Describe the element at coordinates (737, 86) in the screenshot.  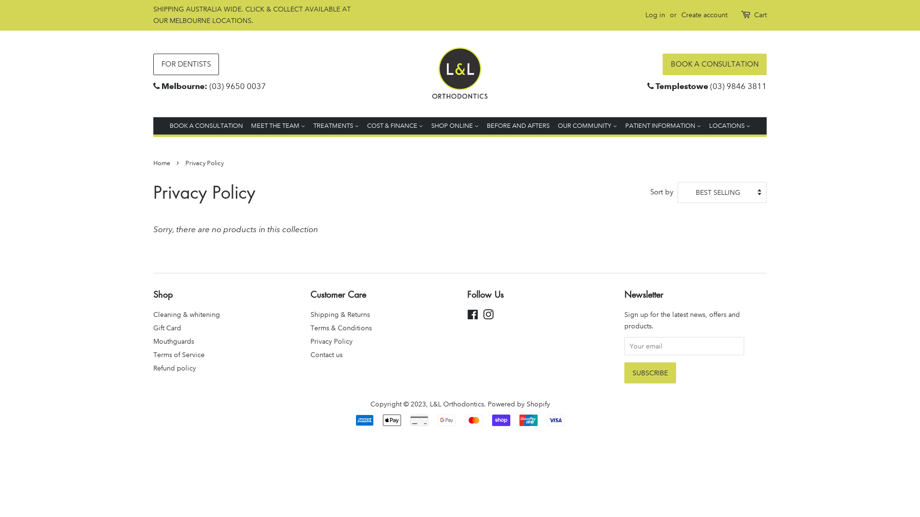
I see `'(03) 9846 3811'` at that location.